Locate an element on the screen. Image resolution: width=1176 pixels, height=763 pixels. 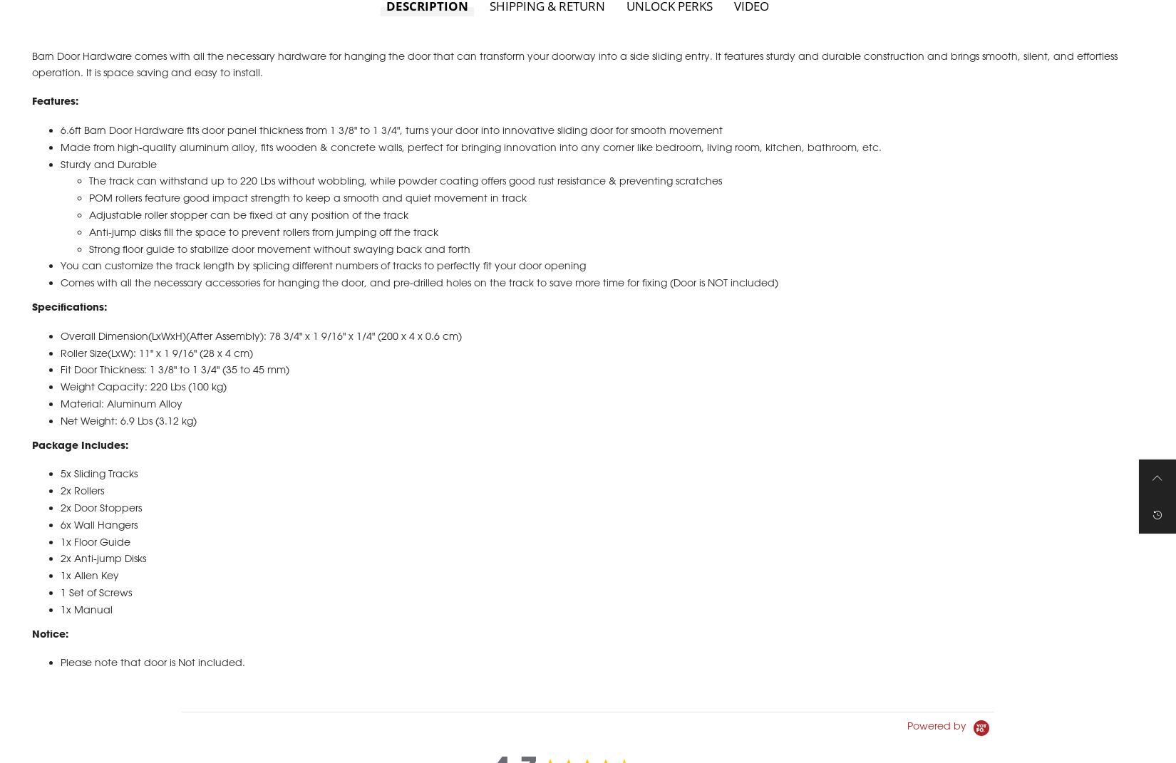
'1 Set of Screws' is located at coordinates (60, 608).